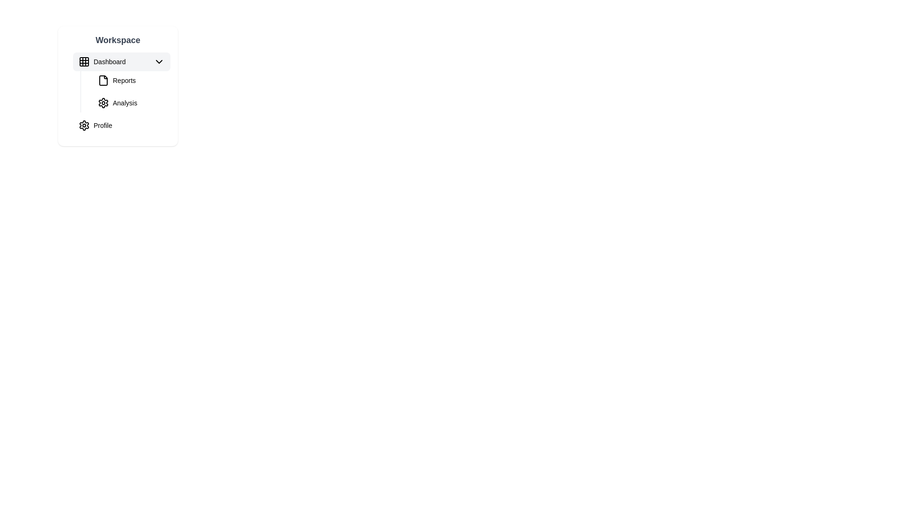 The width and height of the screenshot is (899, 506). I want to click on the 'Reports' navigation menu entry, which is the second item in the vertical menu list, positioned below 'Dashboard' and above 'Analysis', so click(118, 86).